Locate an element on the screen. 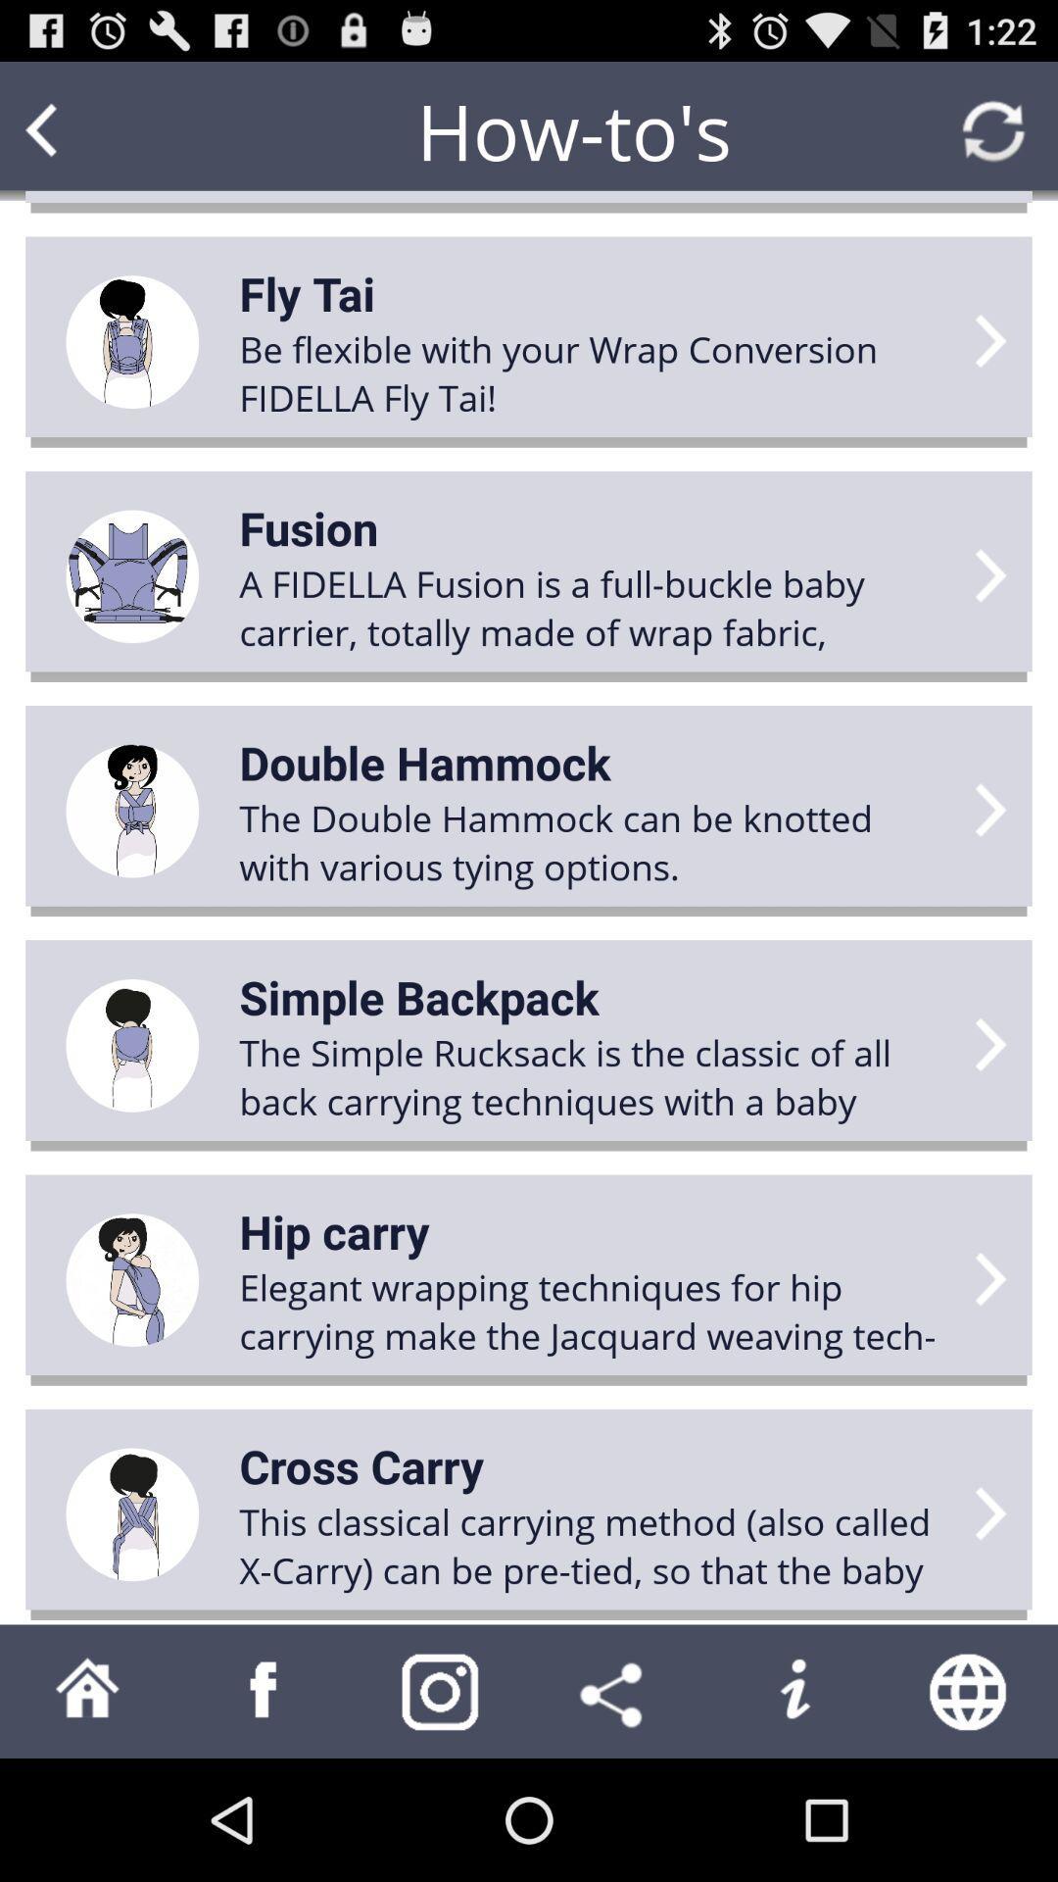 Image resolution: width=1058 pixels, height=1882 pixels. icon next to the how-to's is located at coordinates (78, 129).